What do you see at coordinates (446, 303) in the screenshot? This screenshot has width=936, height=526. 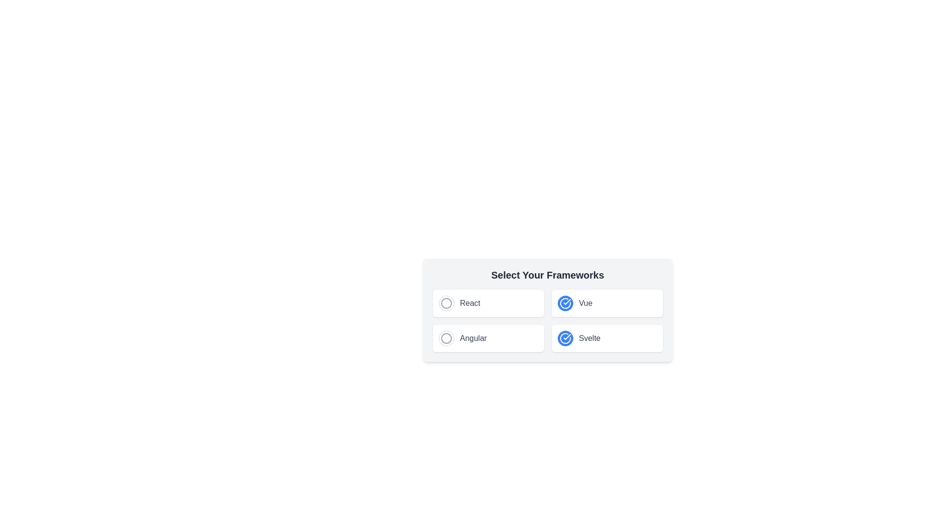 I see `the first radio button within the group of four options, which is styled with a gray border and an inner circle` at bounding box center [446, 303].